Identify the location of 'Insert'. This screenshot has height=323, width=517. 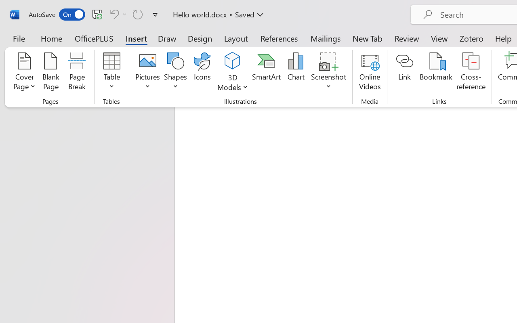
(136, 38).